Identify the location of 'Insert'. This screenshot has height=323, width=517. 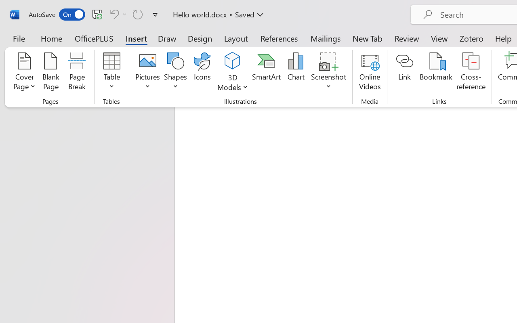
(136, 38).